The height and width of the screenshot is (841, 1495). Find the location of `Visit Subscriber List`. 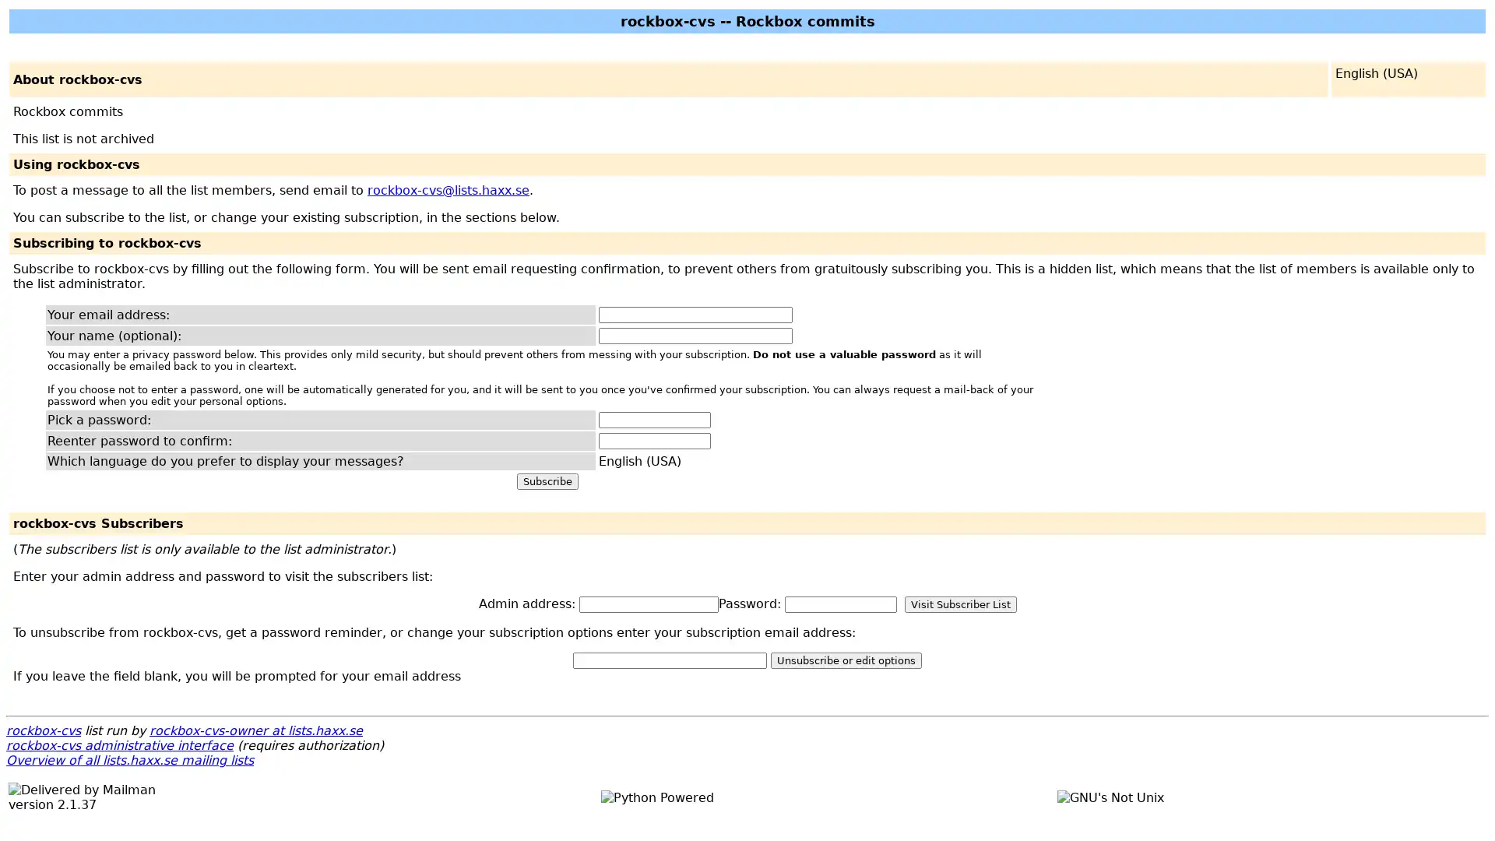

Visit Subscriber List is located at coordinates (959, 603).